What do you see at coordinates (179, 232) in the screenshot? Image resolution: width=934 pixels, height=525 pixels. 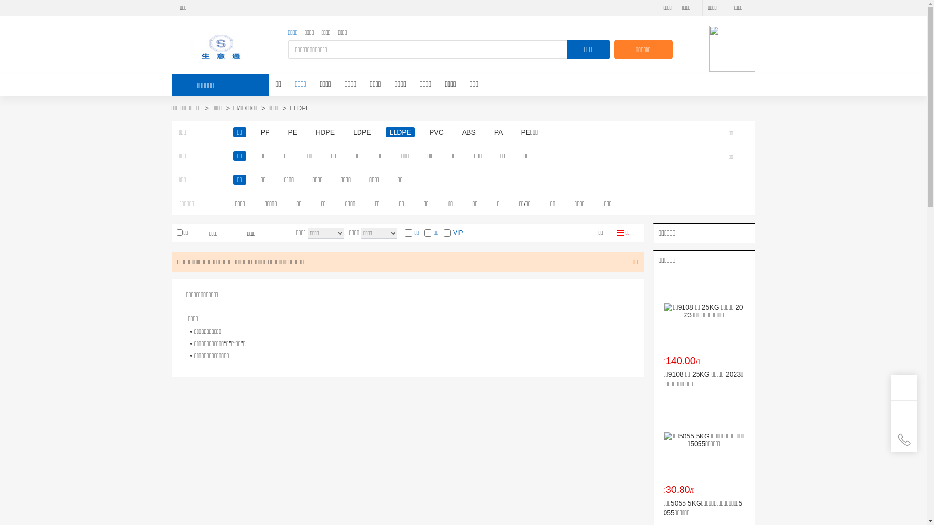 I see `'on'` at bounding box center [179, 232].